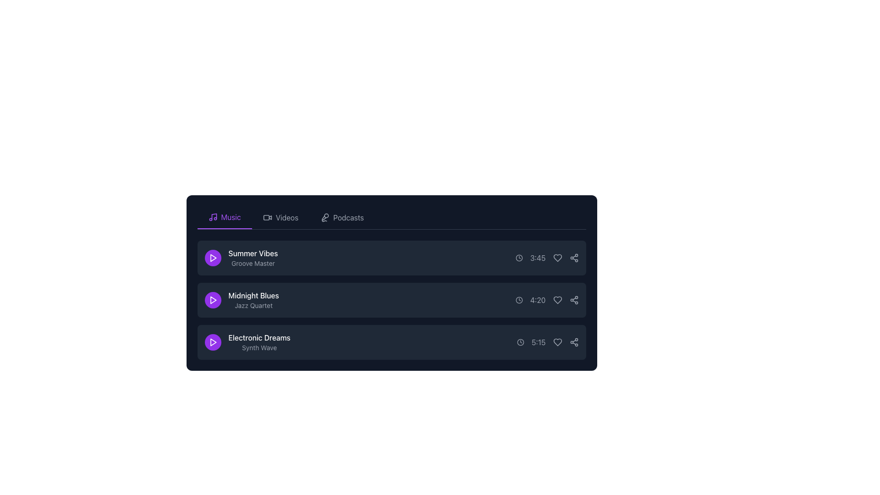  Describe the element at coordinates (253, 306) in the screenshot. I see `the text label displaying 'Jazz Quartet', which is in a smaller, gray-colored font and positioned beneath 'Midnight Blues'` at that location.